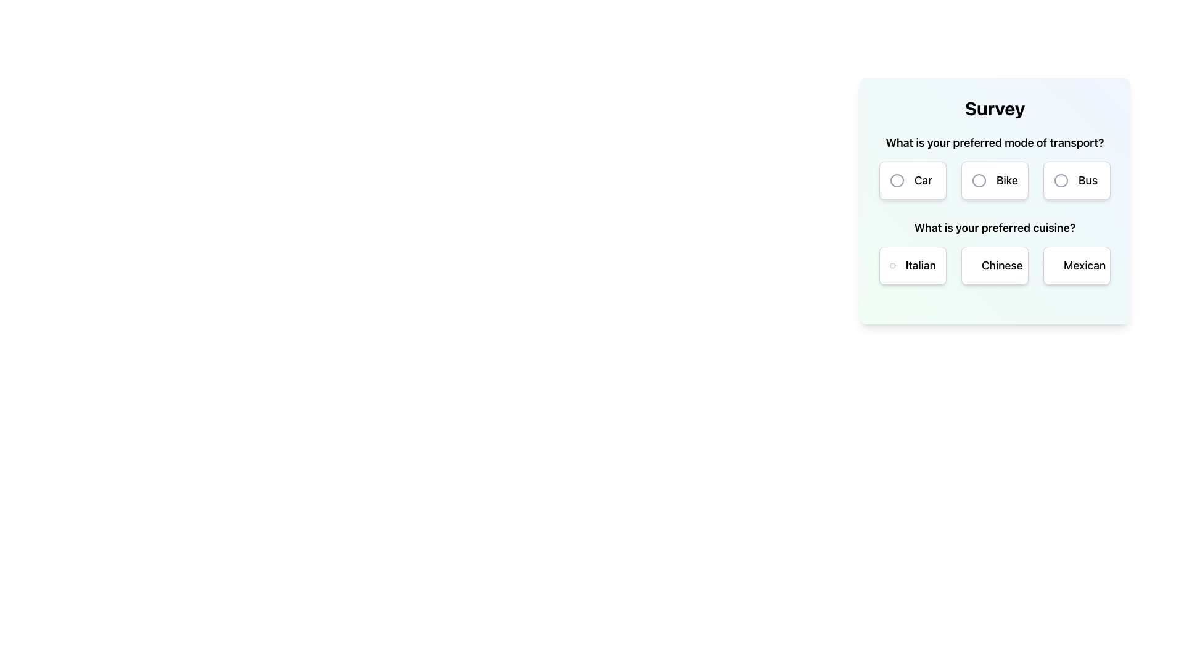  What do you see at coordinates (995, 228) in the screenshot?
I see `the prominently styled question label that reads 'What is your preferred cuisine?', which is centrally located above the cuisine options` at bounding box center [995, 228].